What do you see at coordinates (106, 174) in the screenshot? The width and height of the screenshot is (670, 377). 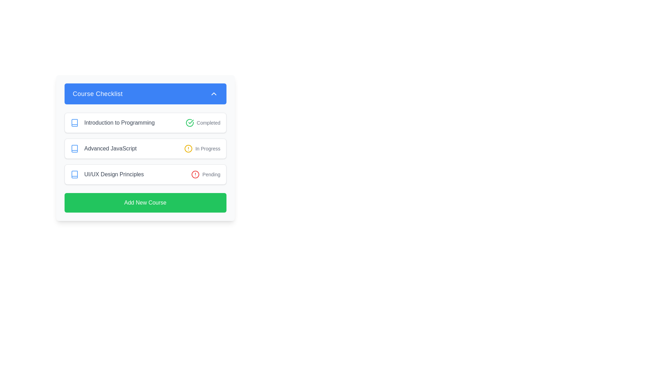 I see `the 'UI/UX Design Principles' course title element located in the third row of the course checklist, beneath 'Advanced JavaScript'` at bounding box center [106, 174].